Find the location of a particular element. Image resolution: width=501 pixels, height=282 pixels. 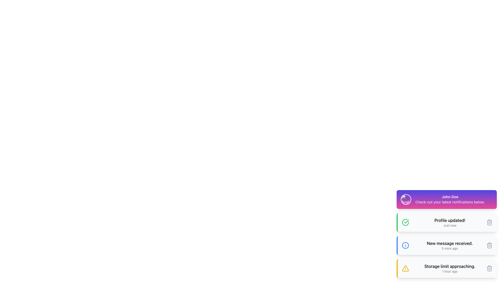

the delete button located at the bottom-right corner of the notification card containing the text 'Storage limit approaching. 1 hour ago' to change its color is located at coordinates (489, 268).